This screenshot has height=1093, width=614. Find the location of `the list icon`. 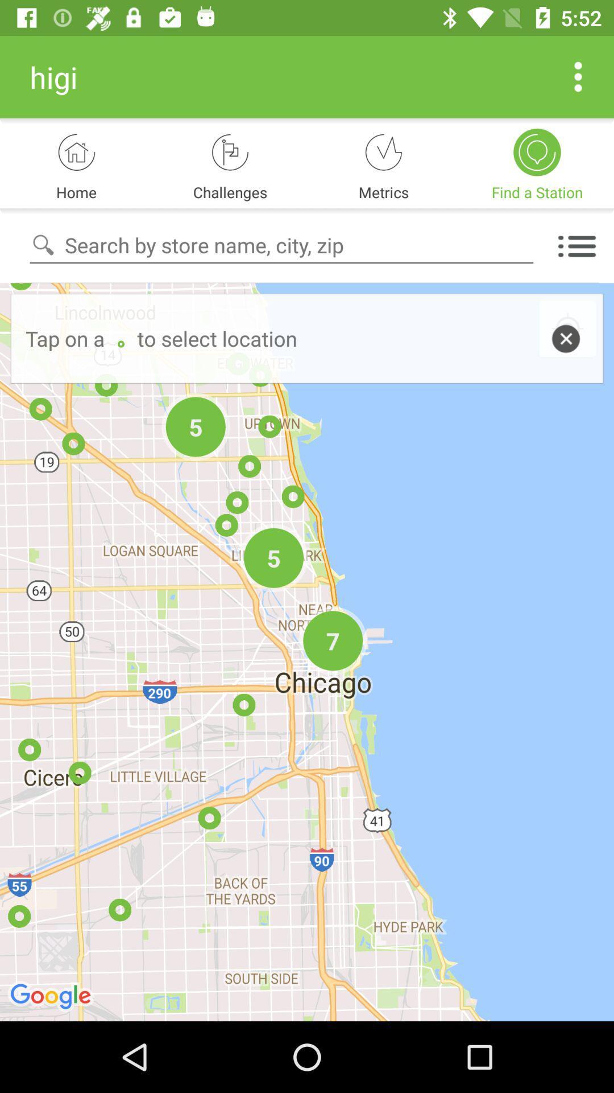

the list icon is located at coordinates (576, 245).